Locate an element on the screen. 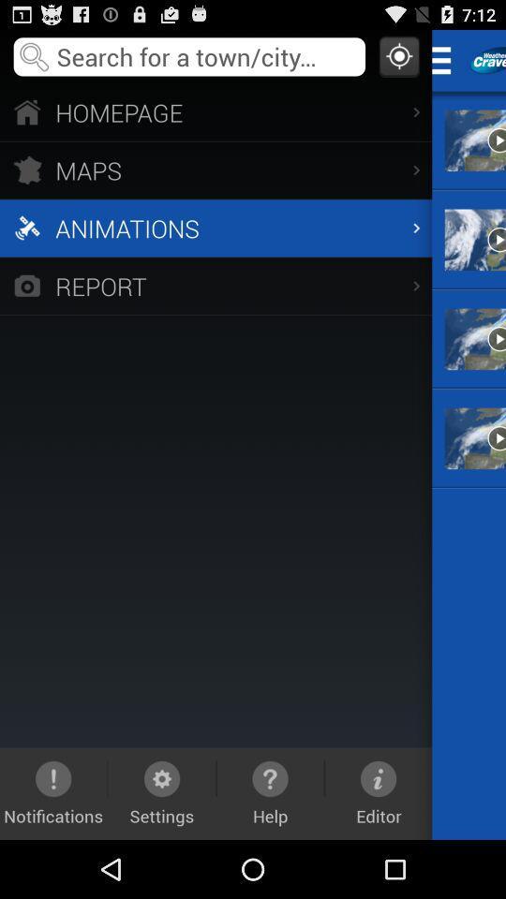 The image size is (506, 899). icon at the bottom right corner is located at coordinates (379, 792).